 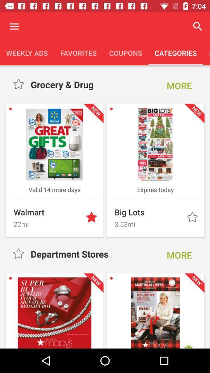 I want to click on change rating of item, so click(x=19, y=84).